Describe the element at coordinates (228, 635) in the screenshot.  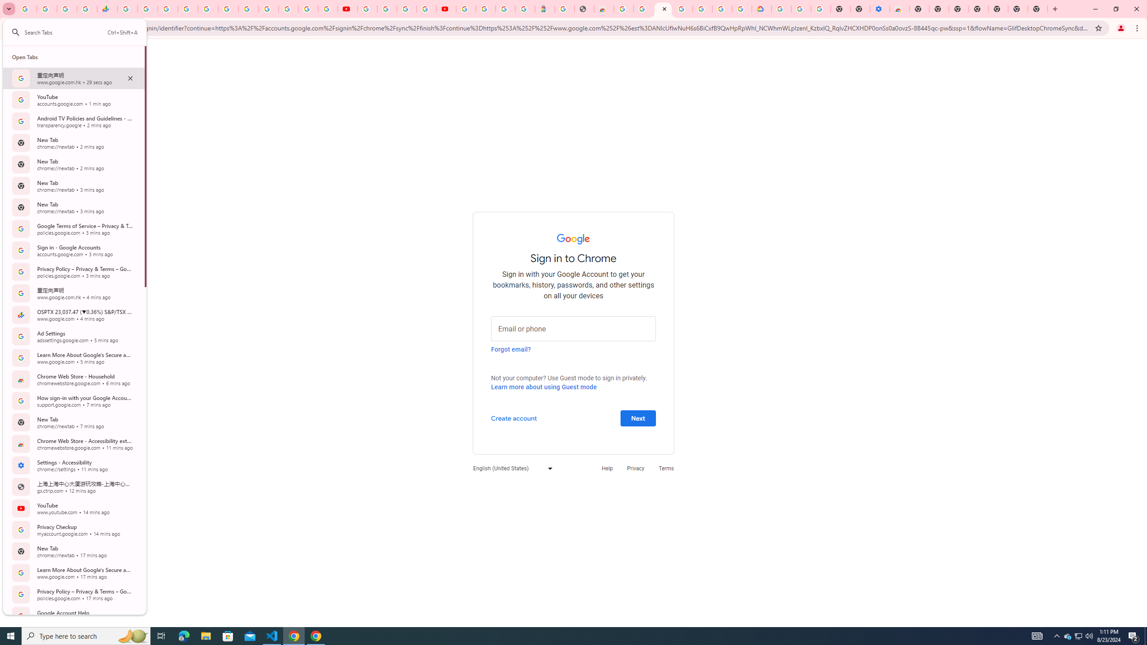
I see `'Microsoft Store'` at that location.